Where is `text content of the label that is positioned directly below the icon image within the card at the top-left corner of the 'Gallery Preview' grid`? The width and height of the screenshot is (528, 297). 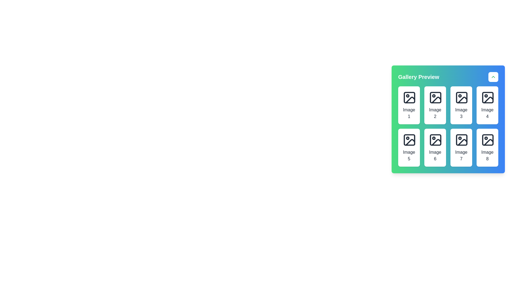
text content of the label that is positioned directly below the icon image within the card at the top-left corner of the 'Gallery Preview' grid is located at coordinates (409, 113).